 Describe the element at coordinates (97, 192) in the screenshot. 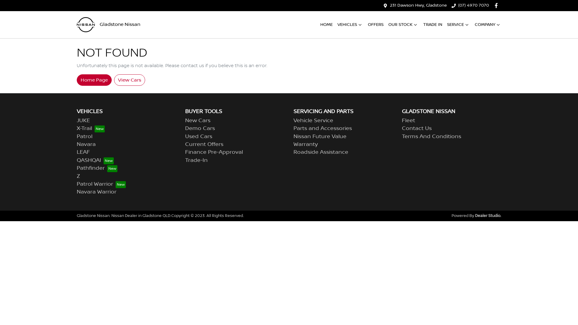

I see `'Navara Warrior'` at that location.